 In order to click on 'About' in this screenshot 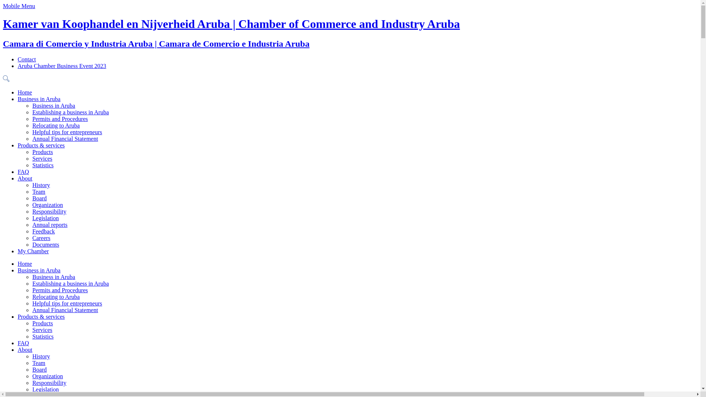, I will do `click(25, 178)`.